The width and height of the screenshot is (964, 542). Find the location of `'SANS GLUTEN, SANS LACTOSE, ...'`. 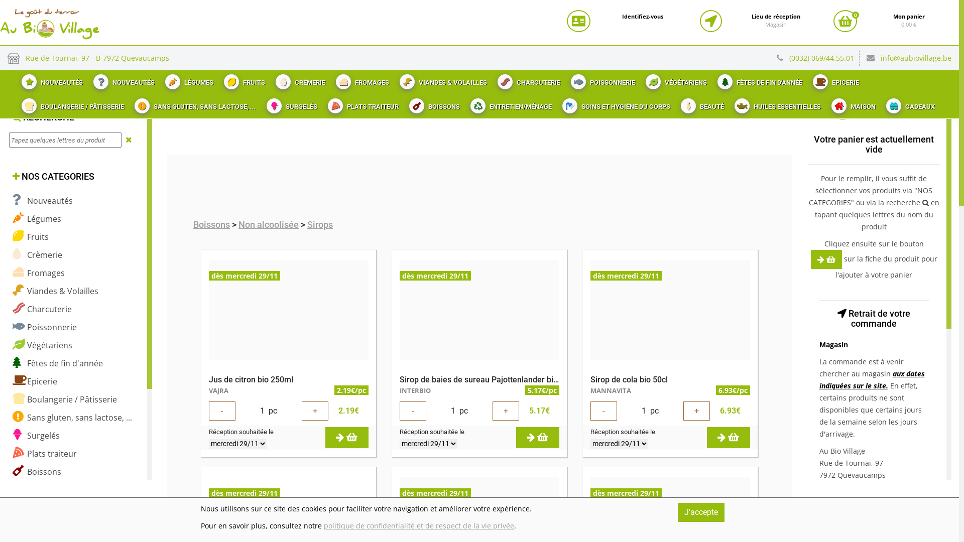

'SANS GLUTEN, SANS LACTOSE, ...' is located at coordinates (194, 104).